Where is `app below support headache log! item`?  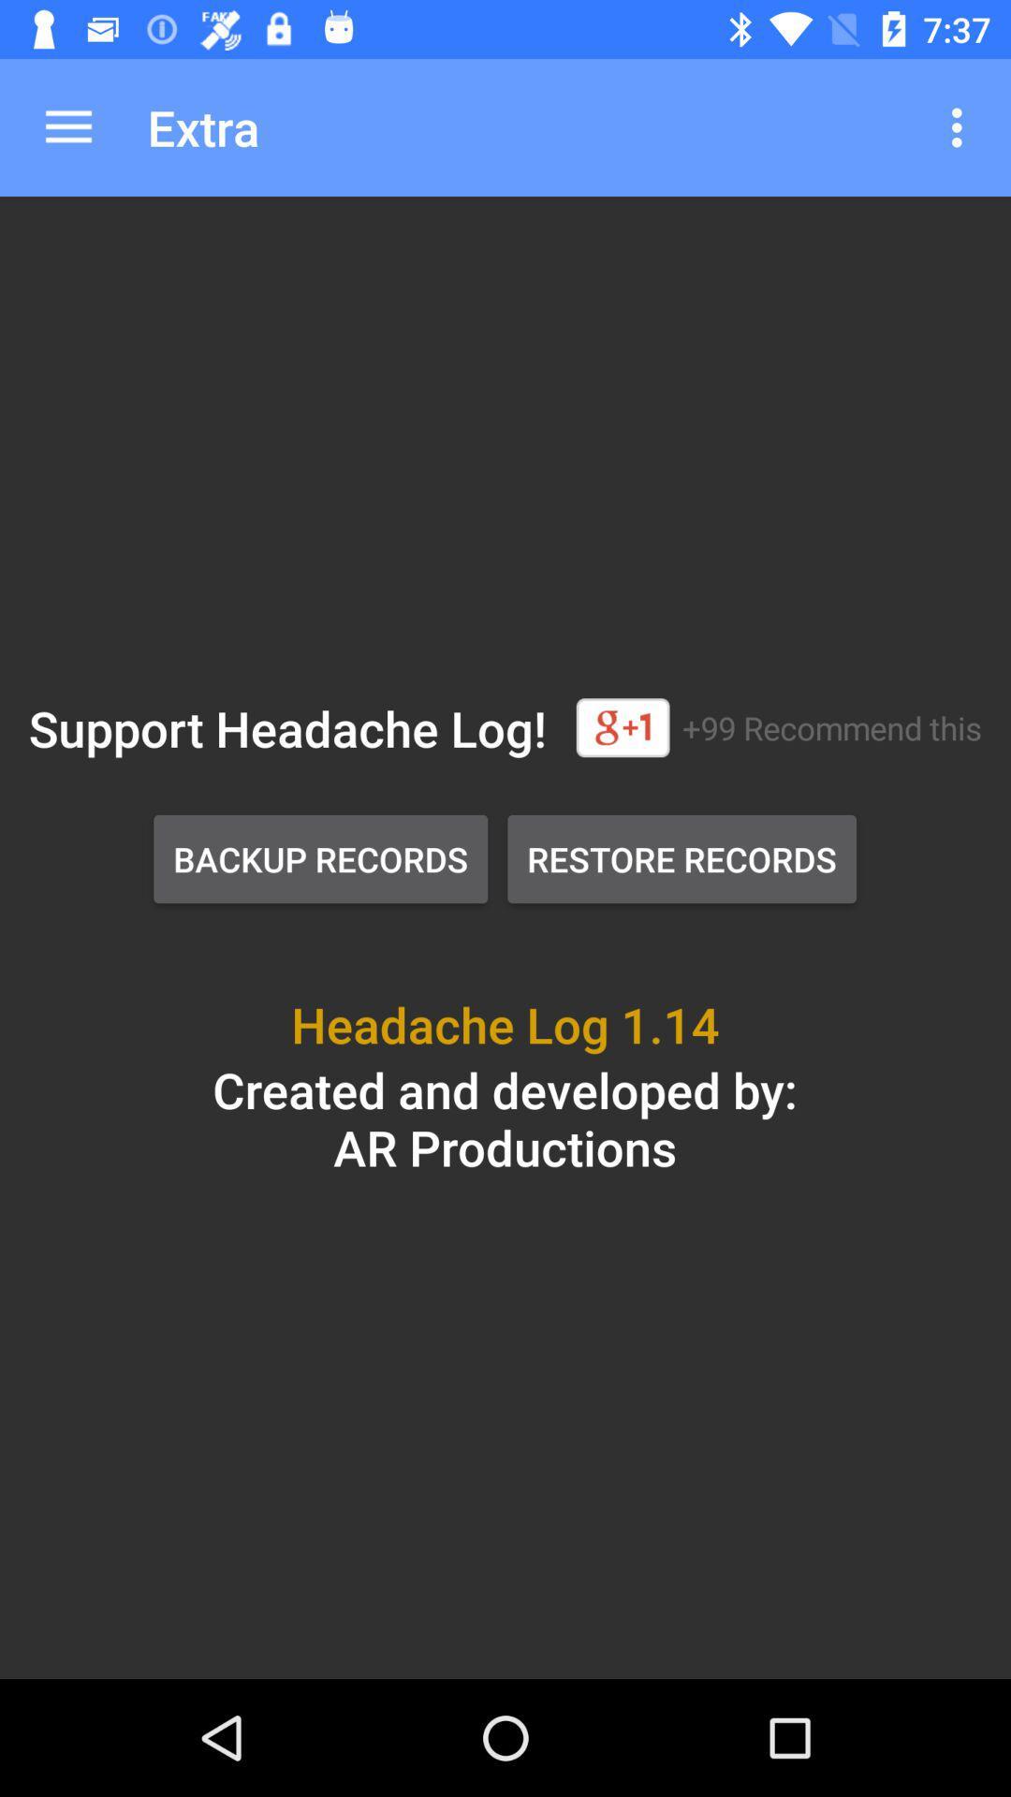
app below support headache log! item is located at coordinates (319, 857).